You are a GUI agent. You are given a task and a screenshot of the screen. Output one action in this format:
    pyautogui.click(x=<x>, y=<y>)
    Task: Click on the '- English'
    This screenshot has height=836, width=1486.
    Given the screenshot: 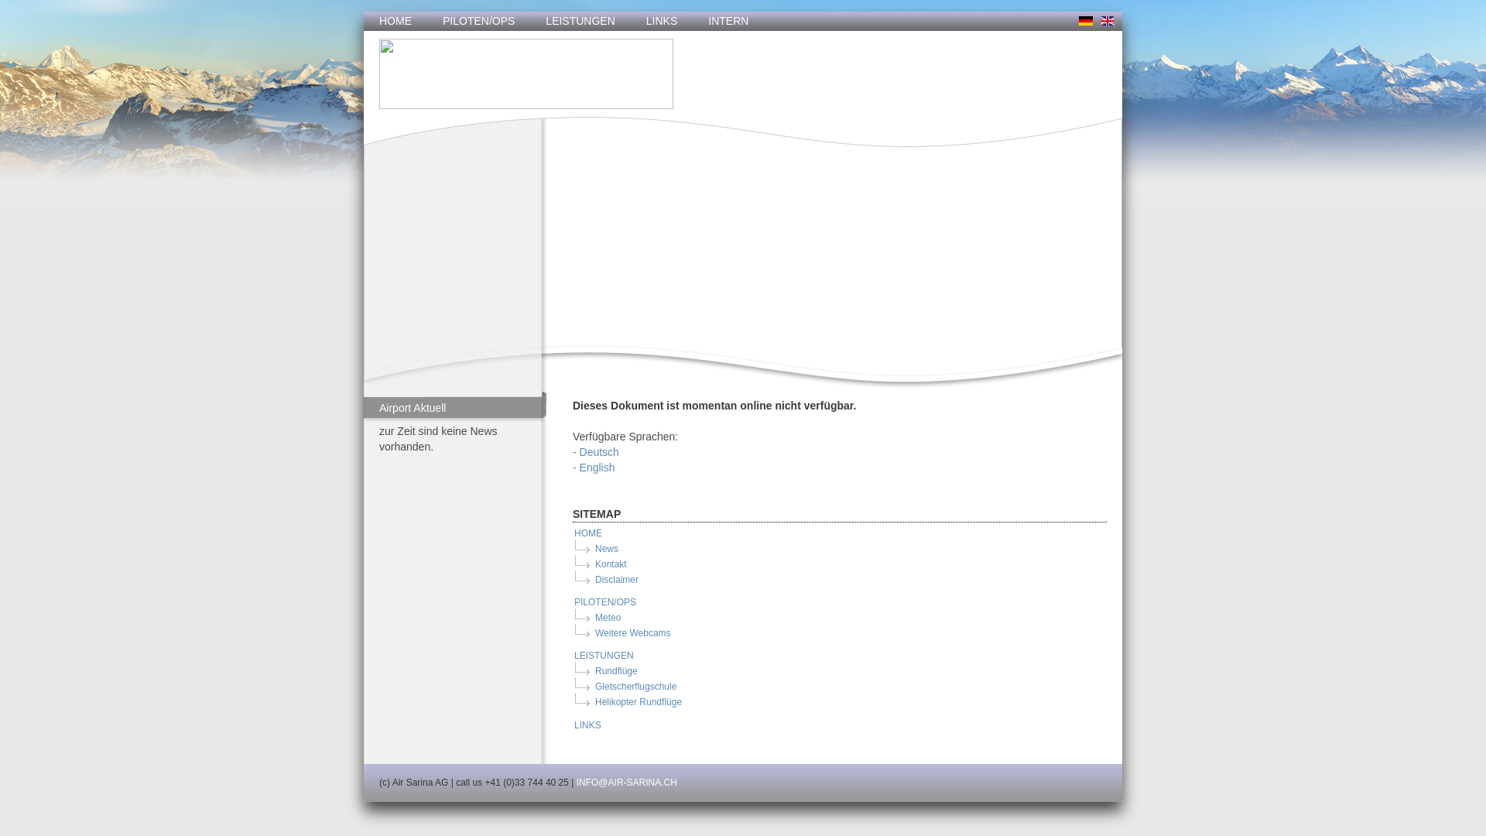 What is the action you would take?
    pyautogui.click(x=593, y=467)
    